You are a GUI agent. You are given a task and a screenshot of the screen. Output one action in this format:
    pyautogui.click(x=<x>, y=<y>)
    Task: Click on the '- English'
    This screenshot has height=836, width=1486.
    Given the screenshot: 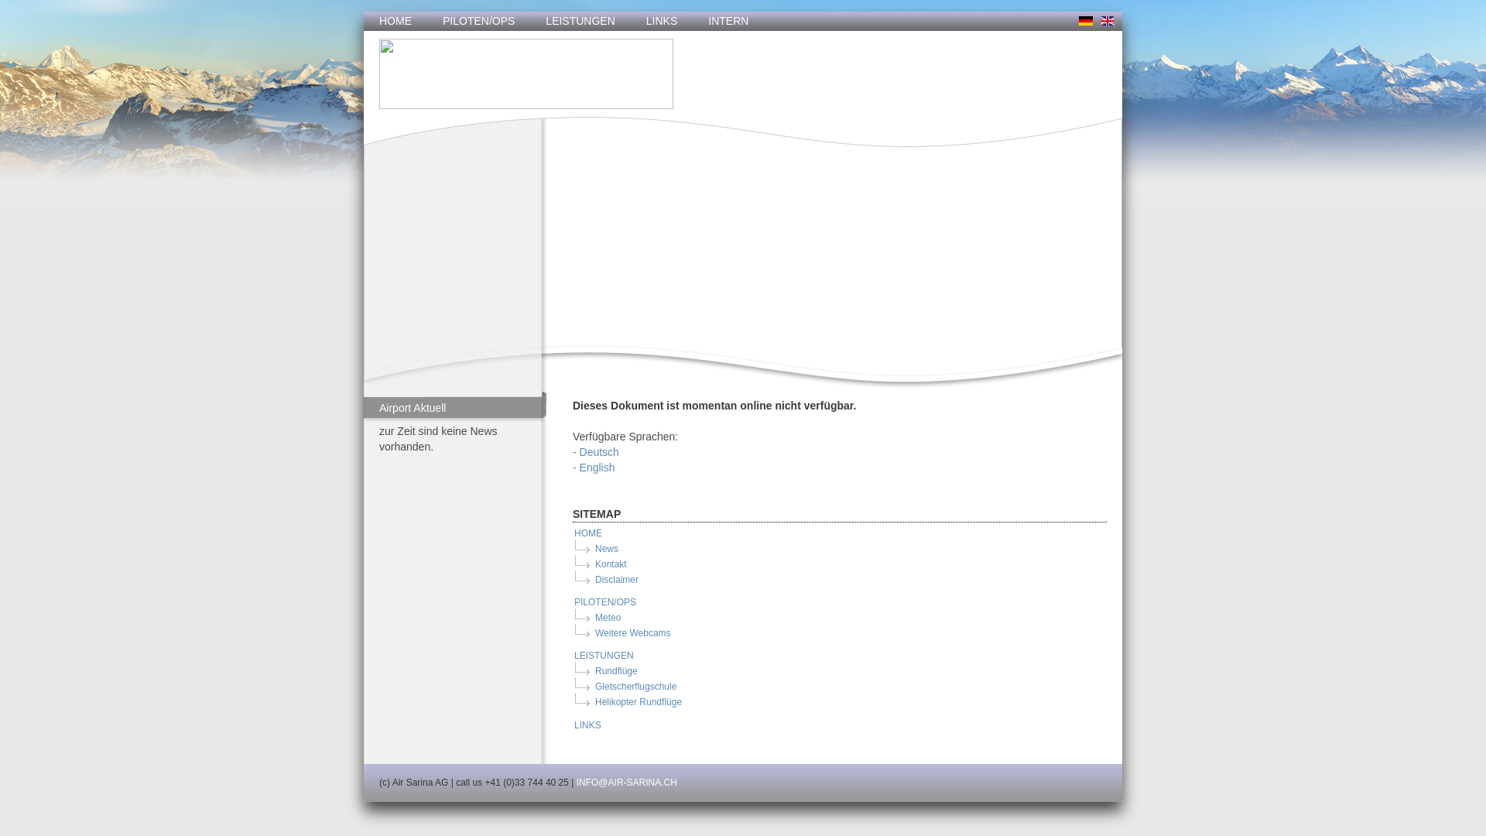 What is the action you would take?
    pyautogui.click(x=593, y=467)
    